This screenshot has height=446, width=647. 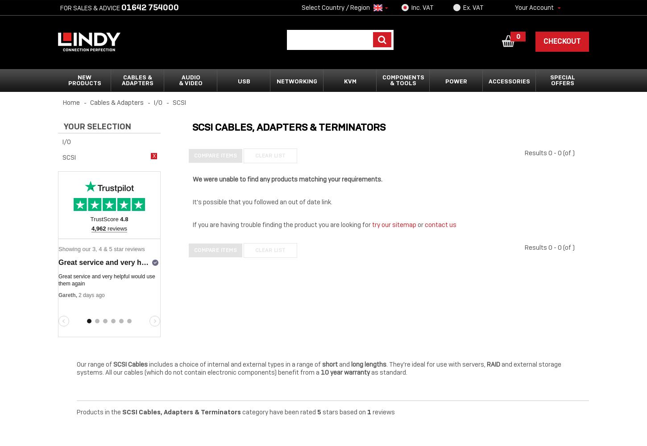 What do you see at coordinates (262, 202) in the screenshot?
I see `'It's possible that you followed an out of date link.'` at bounding box center [262, 202].